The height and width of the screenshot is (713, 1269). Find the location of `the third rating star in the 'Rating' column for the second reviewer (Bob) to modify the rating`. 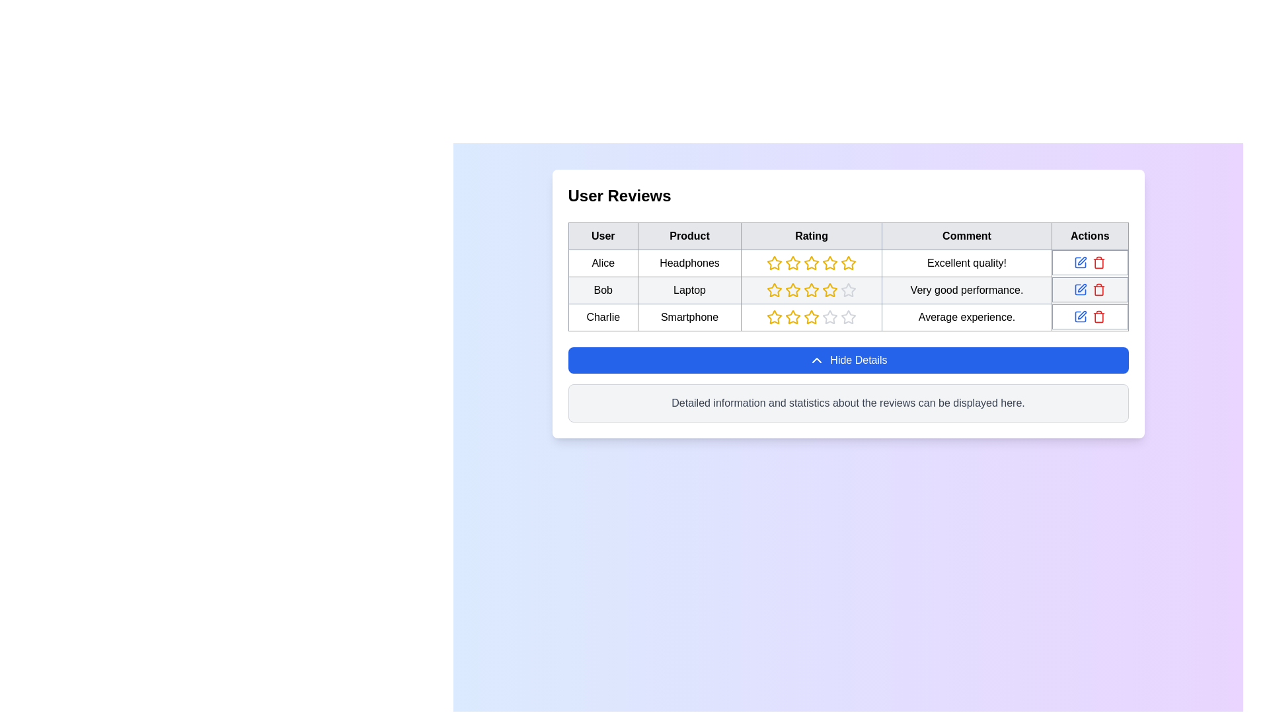

the third rating star in the 'Rating' column for the second reviewer (Bob) to modify the rating is located at coordinates (811, 289).